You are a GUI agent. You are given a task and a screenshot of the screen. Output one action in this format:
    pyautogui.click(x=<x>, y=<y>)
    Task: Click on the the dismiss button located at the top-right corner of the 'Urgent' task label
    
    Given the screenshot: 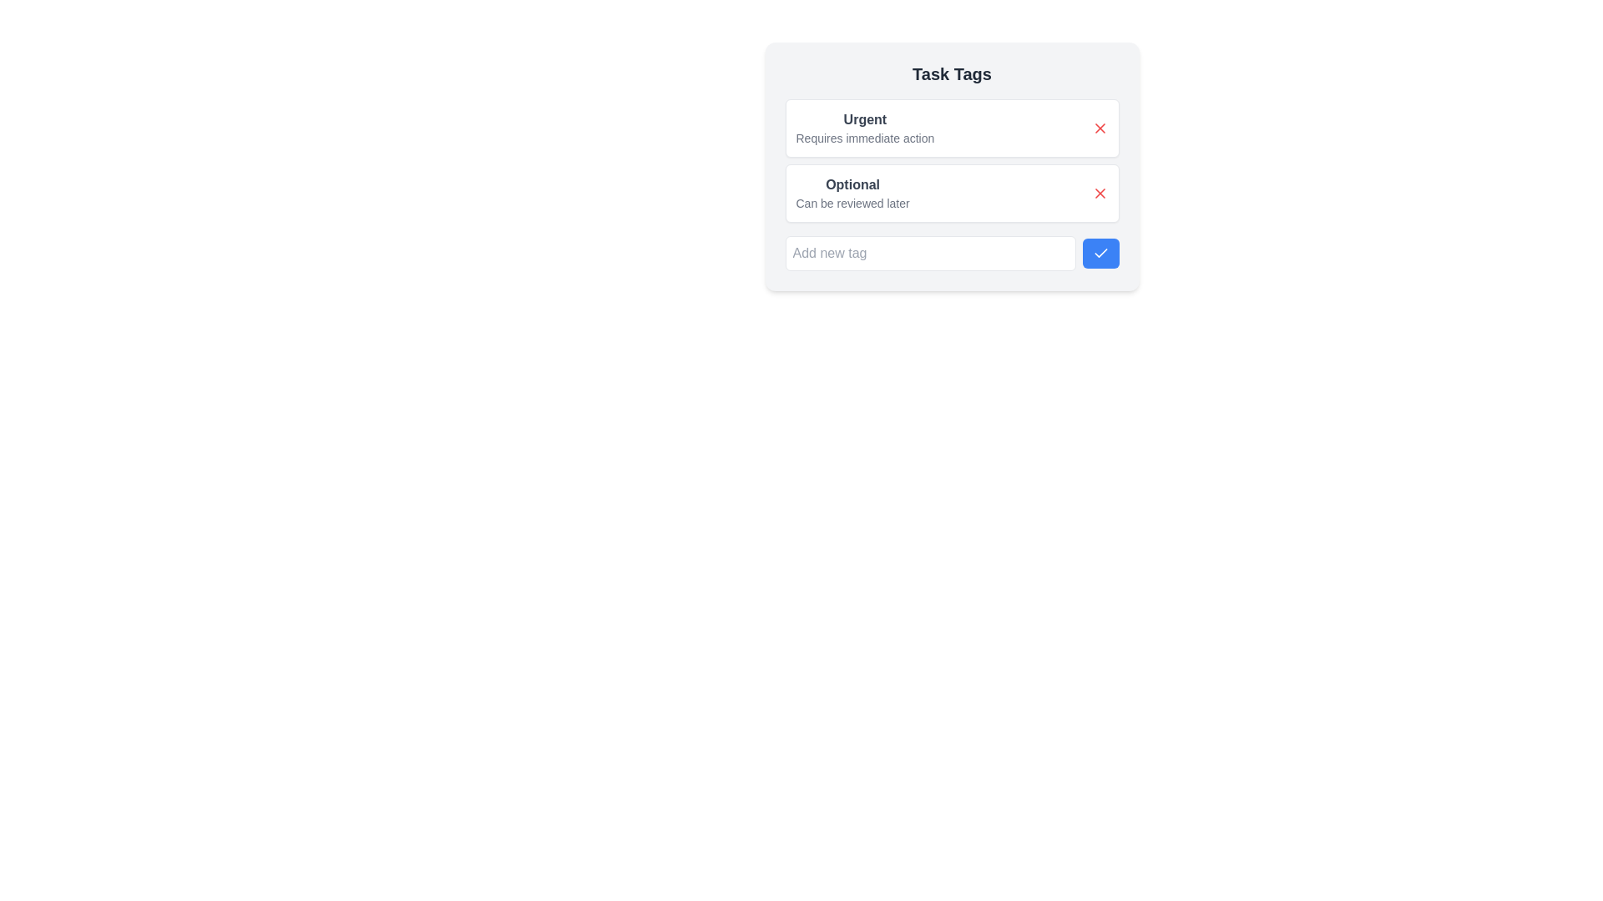 What is the action you would take?
    pyautogui.click(x=1100, y=128)
    